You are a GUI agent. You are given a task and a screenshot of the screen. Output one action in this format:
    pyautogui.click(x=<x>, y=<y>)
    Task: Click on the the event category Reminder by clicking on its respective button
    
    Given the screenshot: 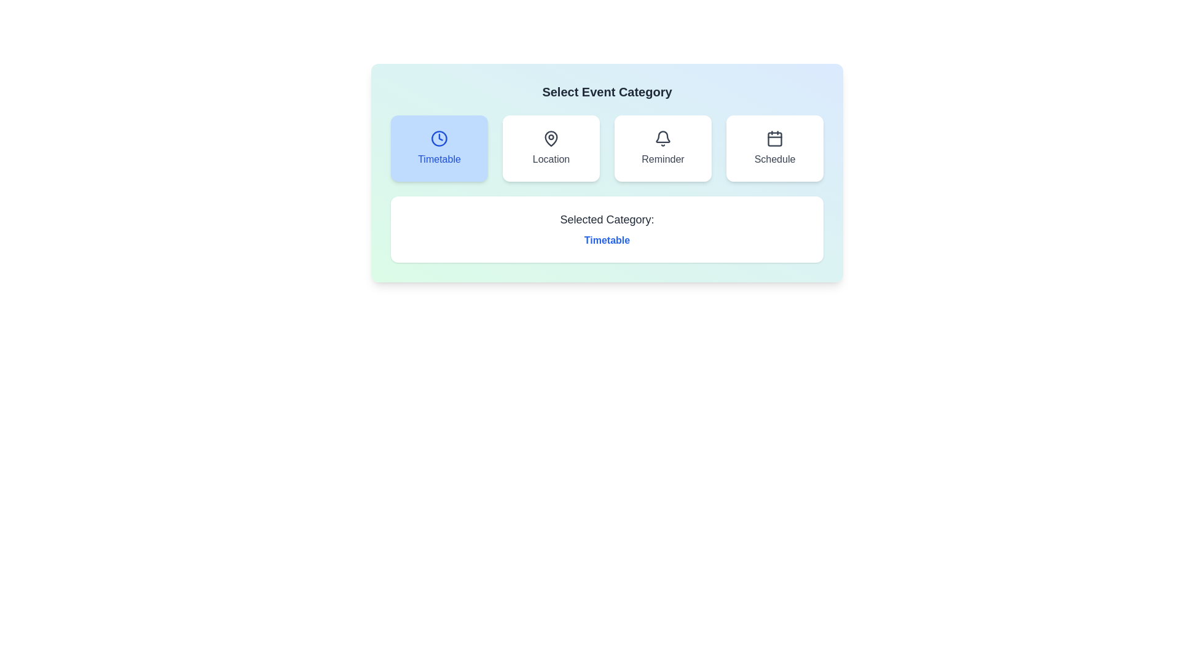 What is the action you would take?
    pyautogui.click(x=663, y=148)
    